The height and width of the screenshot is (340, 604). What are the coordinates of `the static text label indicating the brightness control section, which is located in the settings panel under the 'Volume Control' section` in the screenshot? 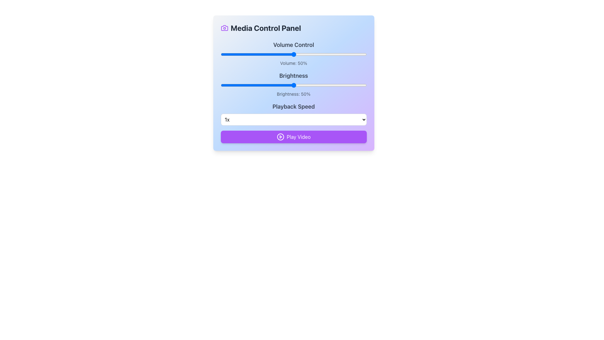 It's located at (293, 75).